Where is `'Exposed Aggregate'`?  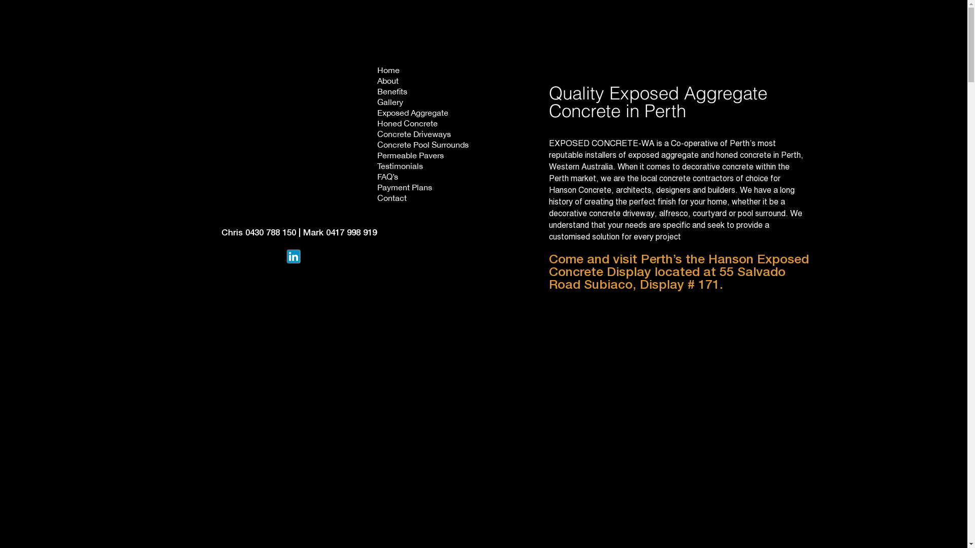 'Exposed Aggregate' is located at coordinates (423, 114).